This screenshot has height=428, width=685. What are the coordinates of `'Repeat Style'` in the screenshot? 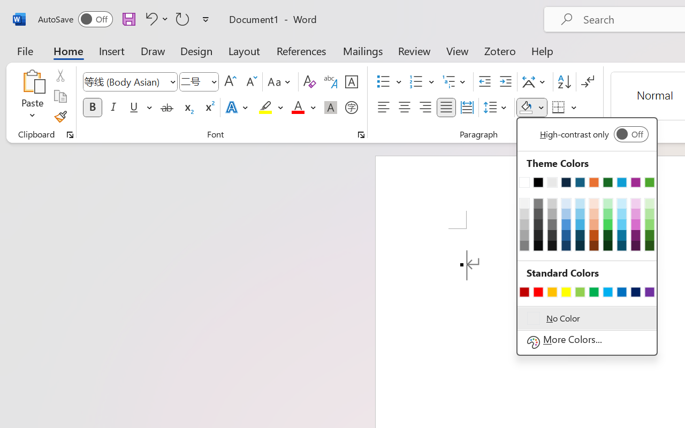 It's located at (182, 18).